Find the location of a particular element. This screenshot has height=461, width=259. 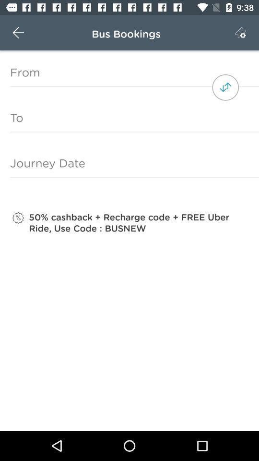

the item next to bus bookings item is located at coordinates (240, 33).